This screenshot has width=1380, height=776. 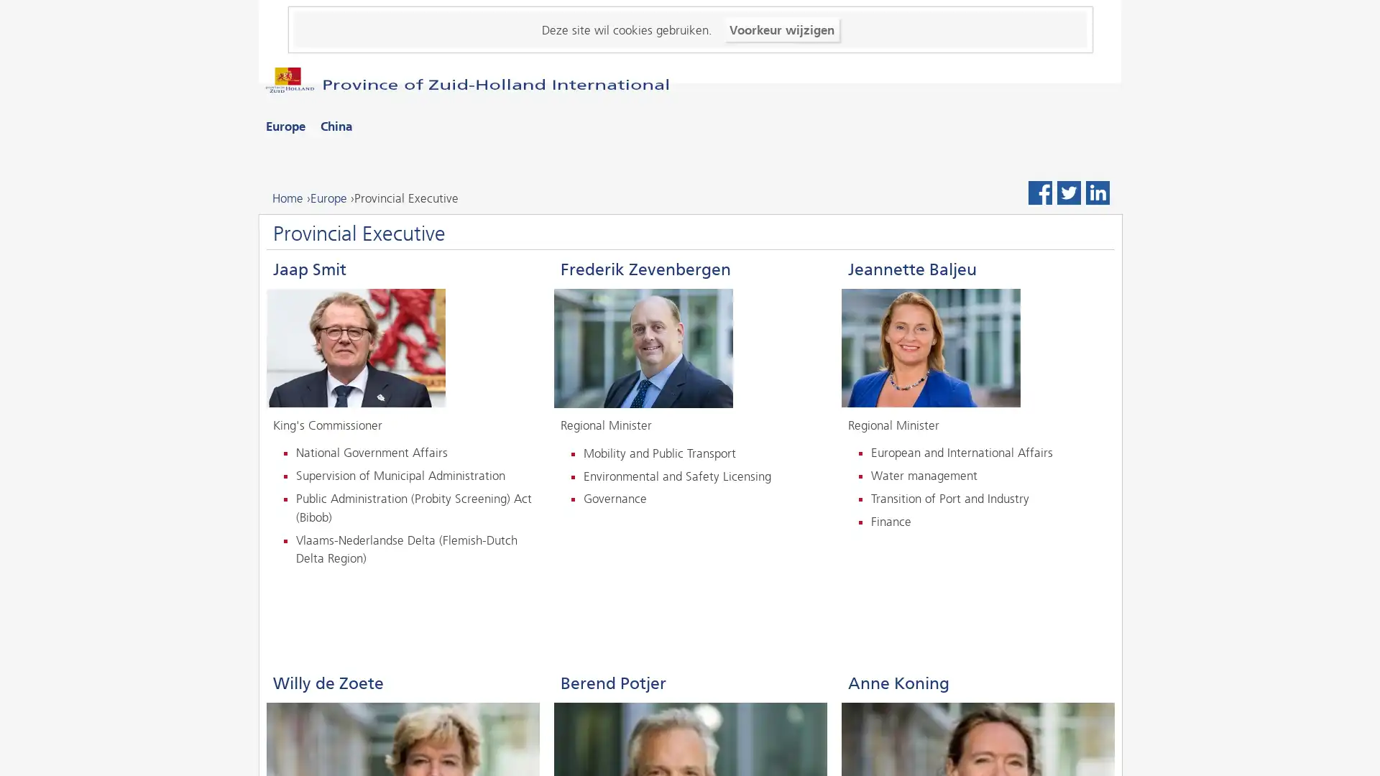 What do you see at coordinates (780, 29) in the screenshot?
I see `Voorkeur wijzigen` at bounding box center [780, 29].